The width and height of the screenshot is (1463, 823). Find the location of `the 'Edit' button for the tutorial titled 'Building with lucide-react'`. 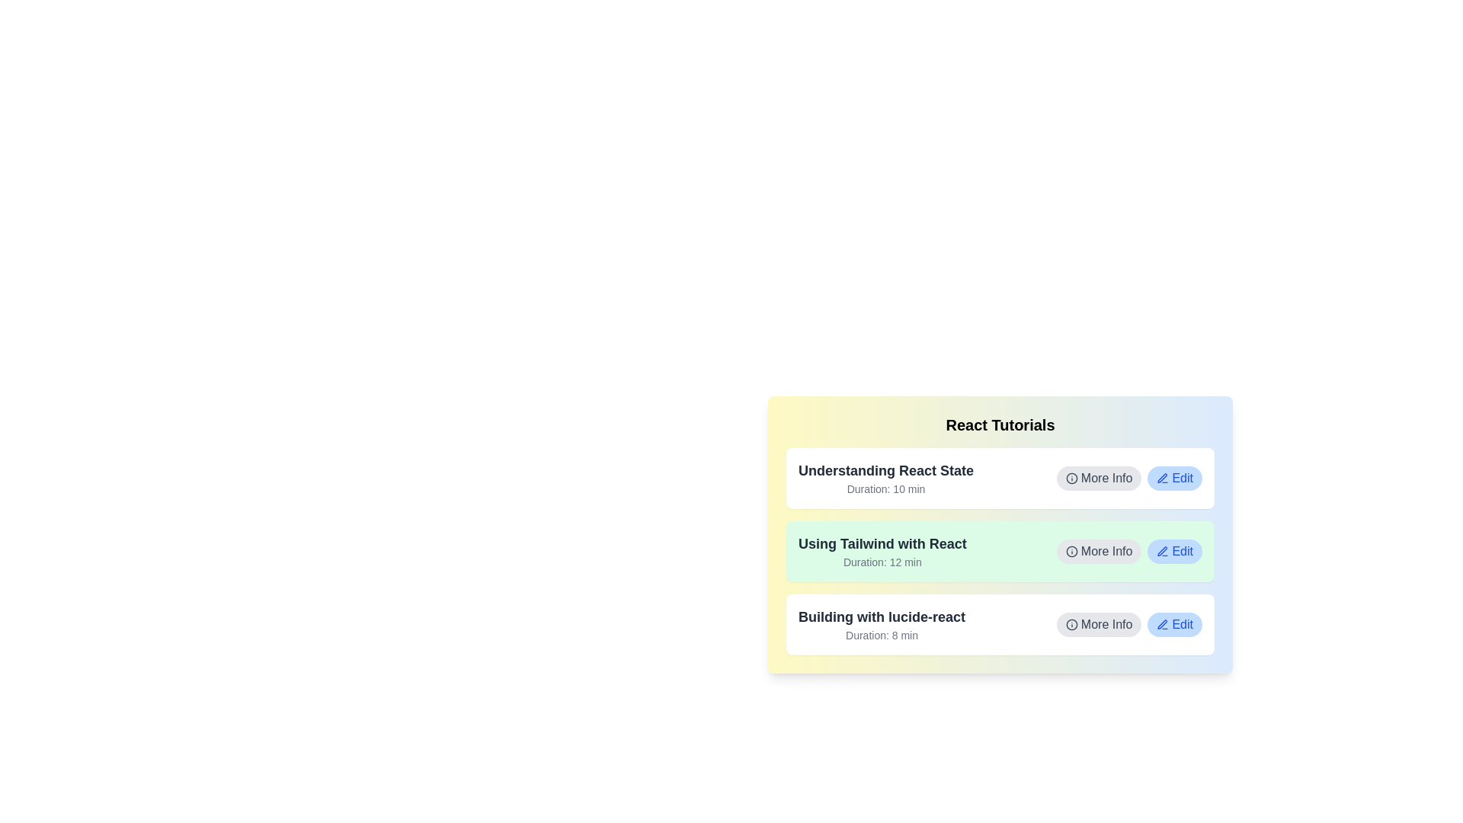

the 'Edit' button for the tutorial titled 'Building with lucide-react' is located at coordinates (1174, 625).